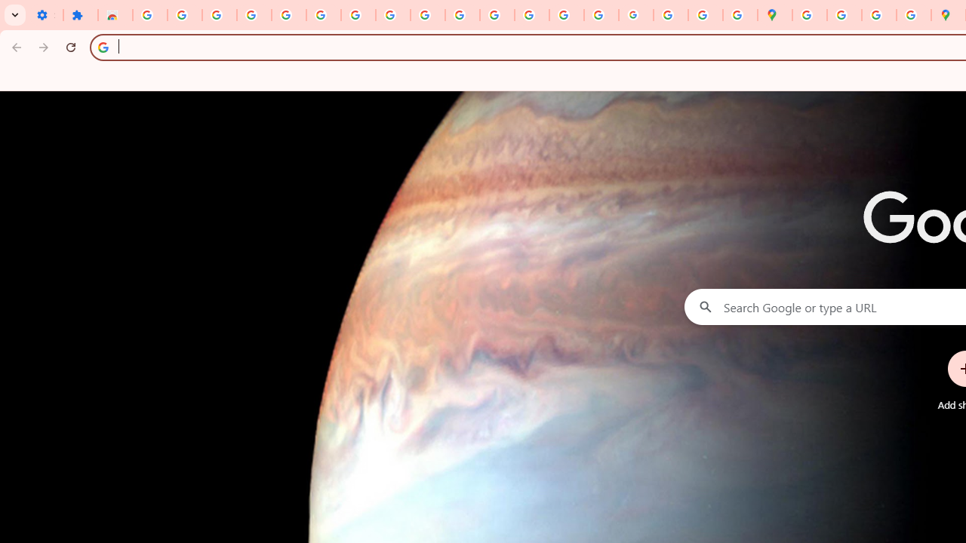  Describe the element at coordinates (45, 15) in the screenshot. I see `'Settings - On startup'` at that location.